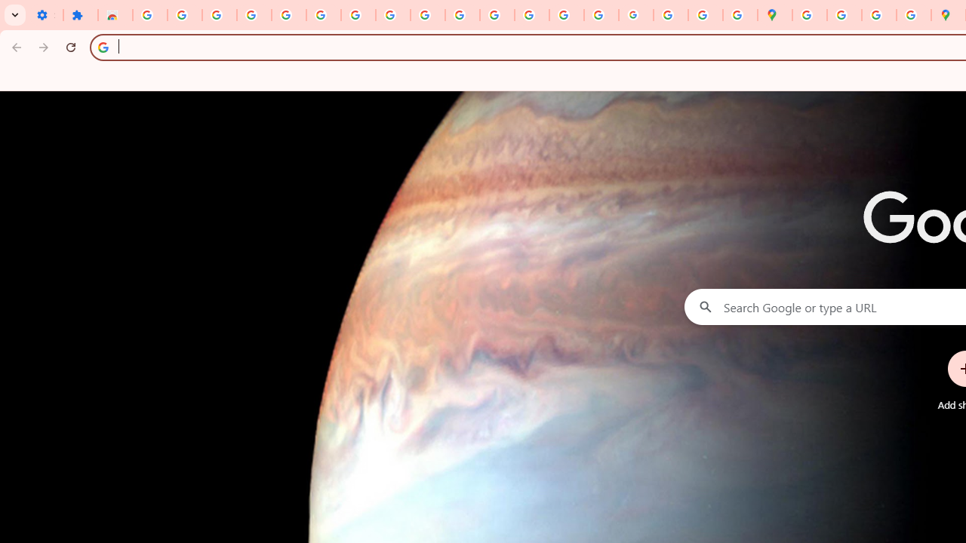  Describe the element at coordinates (45, 15) in the screenshot. I see `'Settings - On startup'` at that location.